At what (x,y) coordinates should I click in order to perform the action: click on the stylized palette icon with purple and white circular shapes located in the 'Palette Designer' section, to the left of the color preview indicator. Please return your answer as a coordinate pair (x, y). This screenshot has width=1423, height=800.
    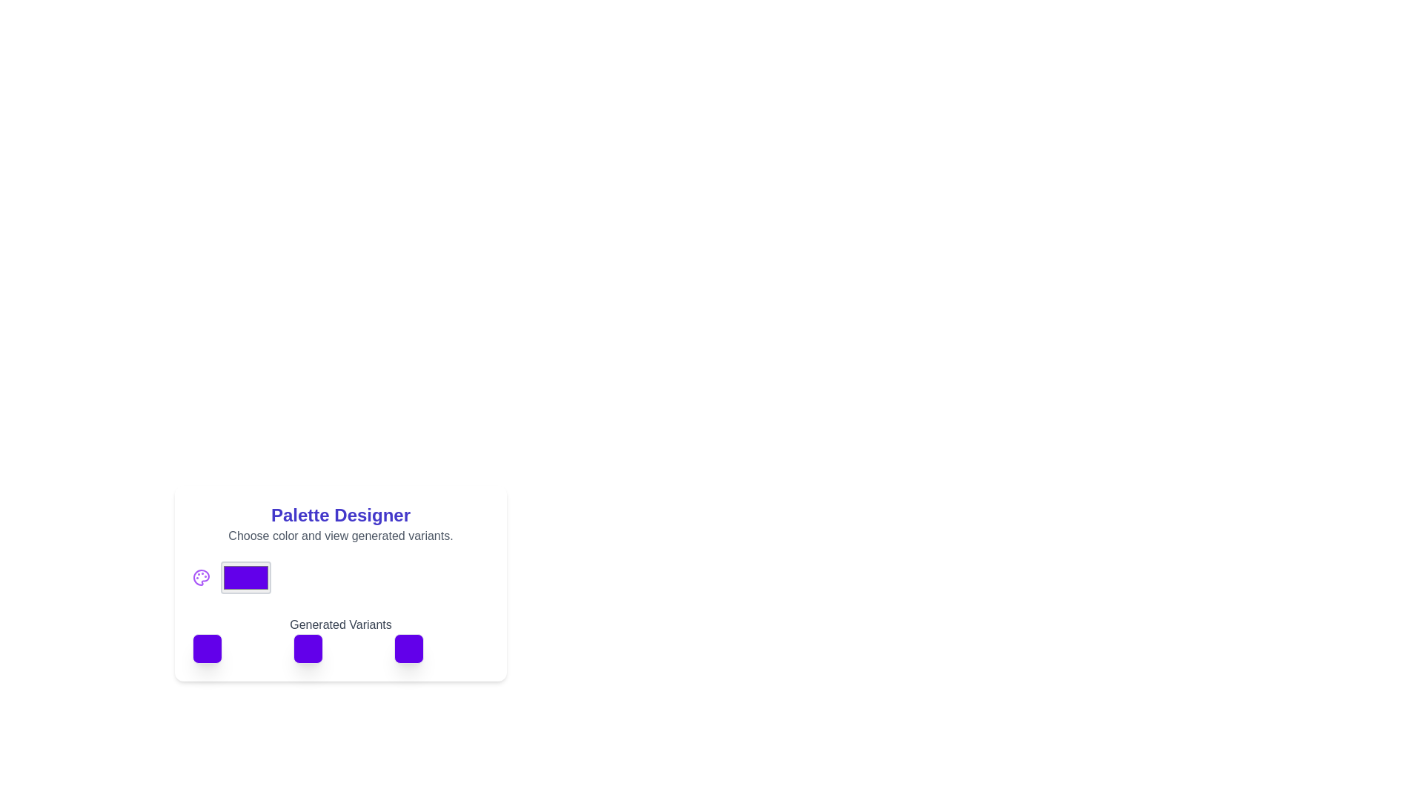
    Looking at the image, I should click on (201, 576).